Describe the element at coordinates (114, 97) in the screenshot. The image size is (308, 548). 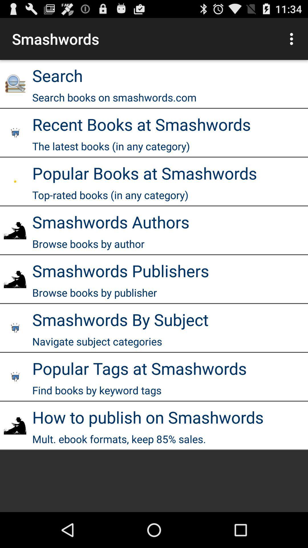
I see `the icon above recent books at` at that location.